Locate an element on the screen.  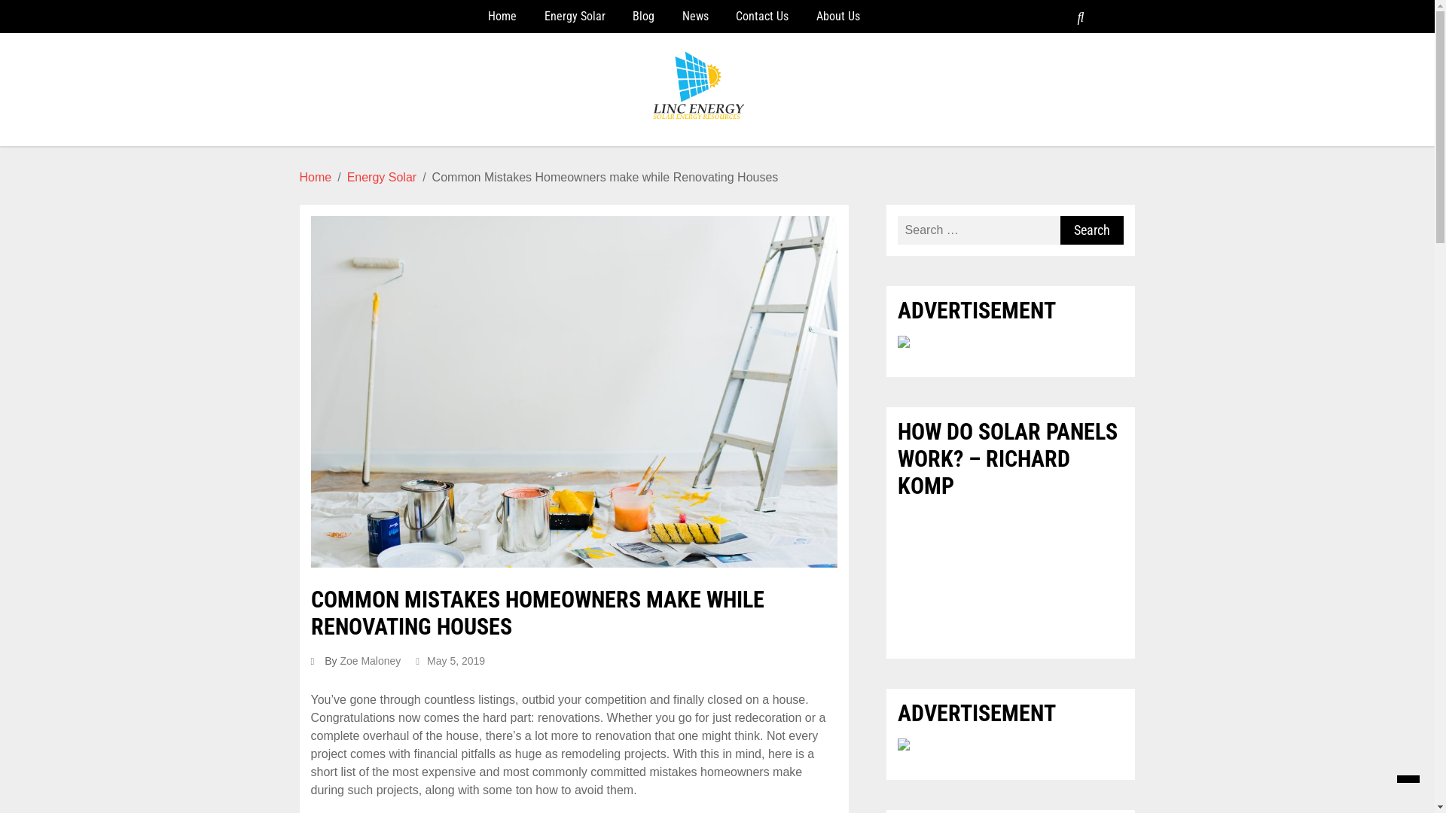
'Blog' is located at coordinates (643, 17).